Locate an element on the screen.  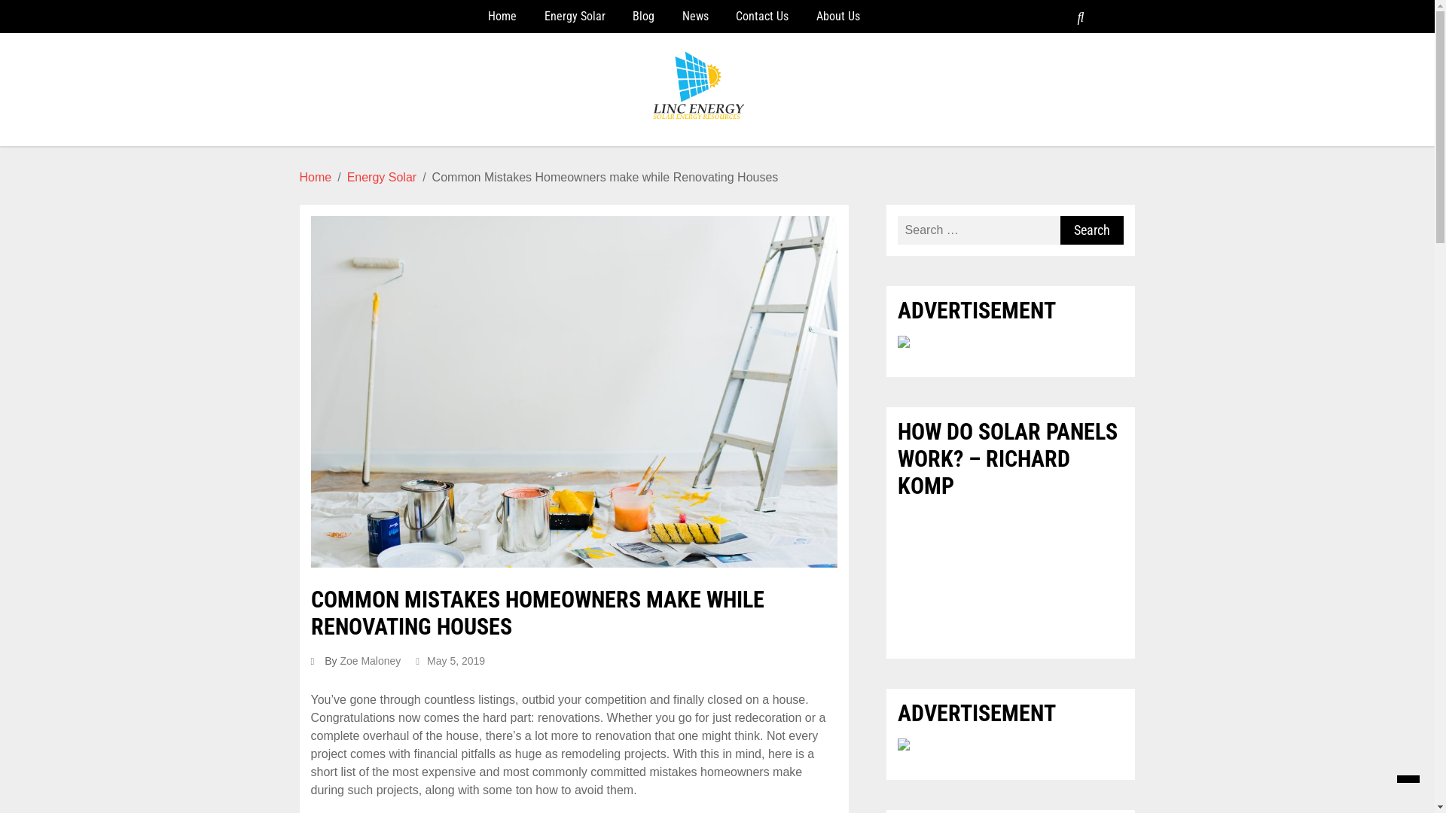
'Blog' is located at coordinates (643, 17).